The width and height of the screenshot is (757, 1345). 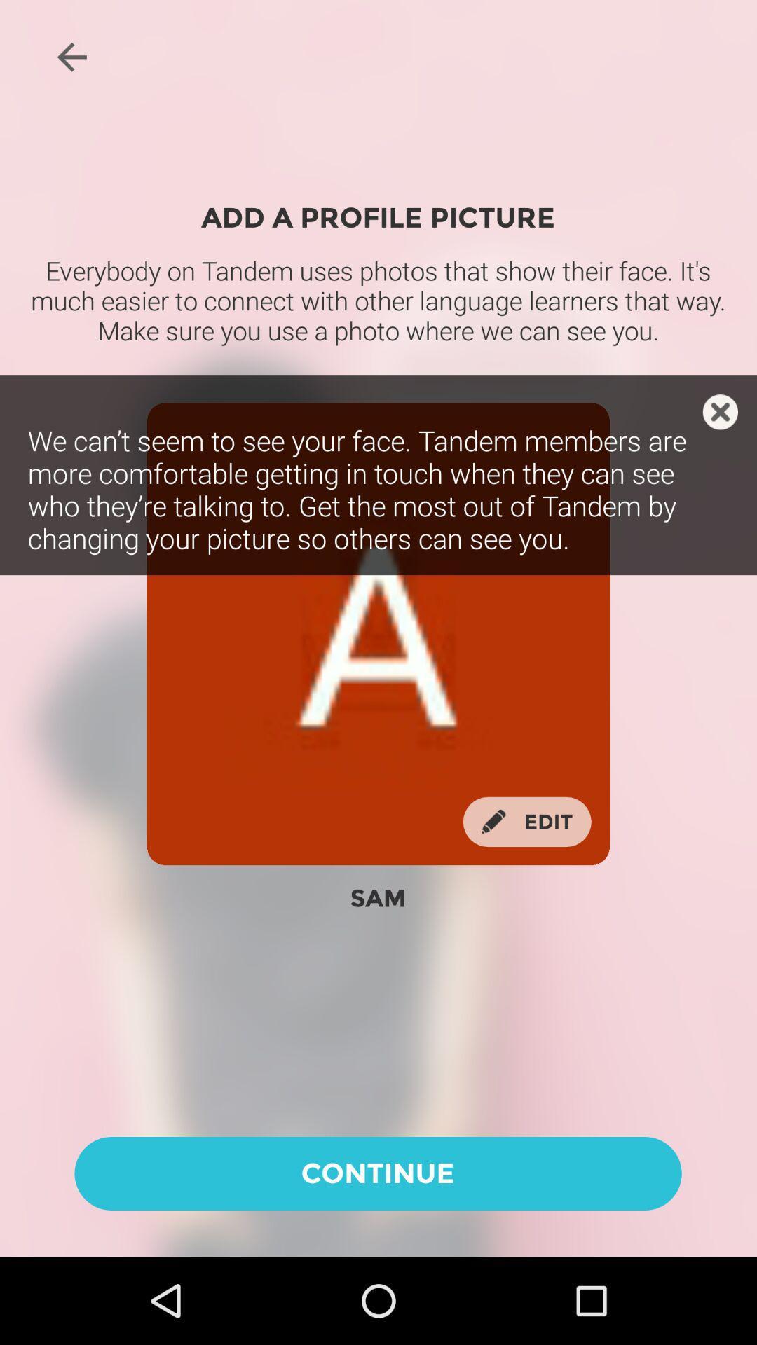 I want to click on the icon below sam, so click(x=377, y=1173).